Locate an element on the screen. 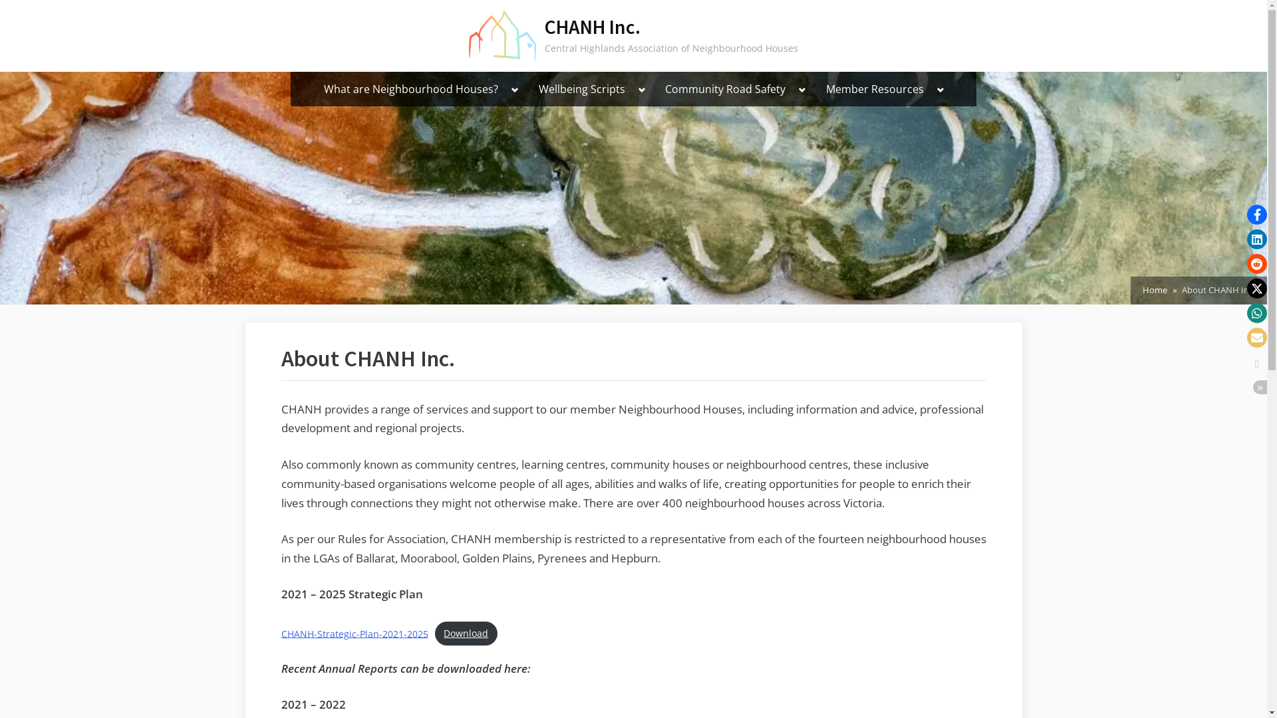 The image size is (1277, 718). 'Home' is located at coordinates (1142, 289).